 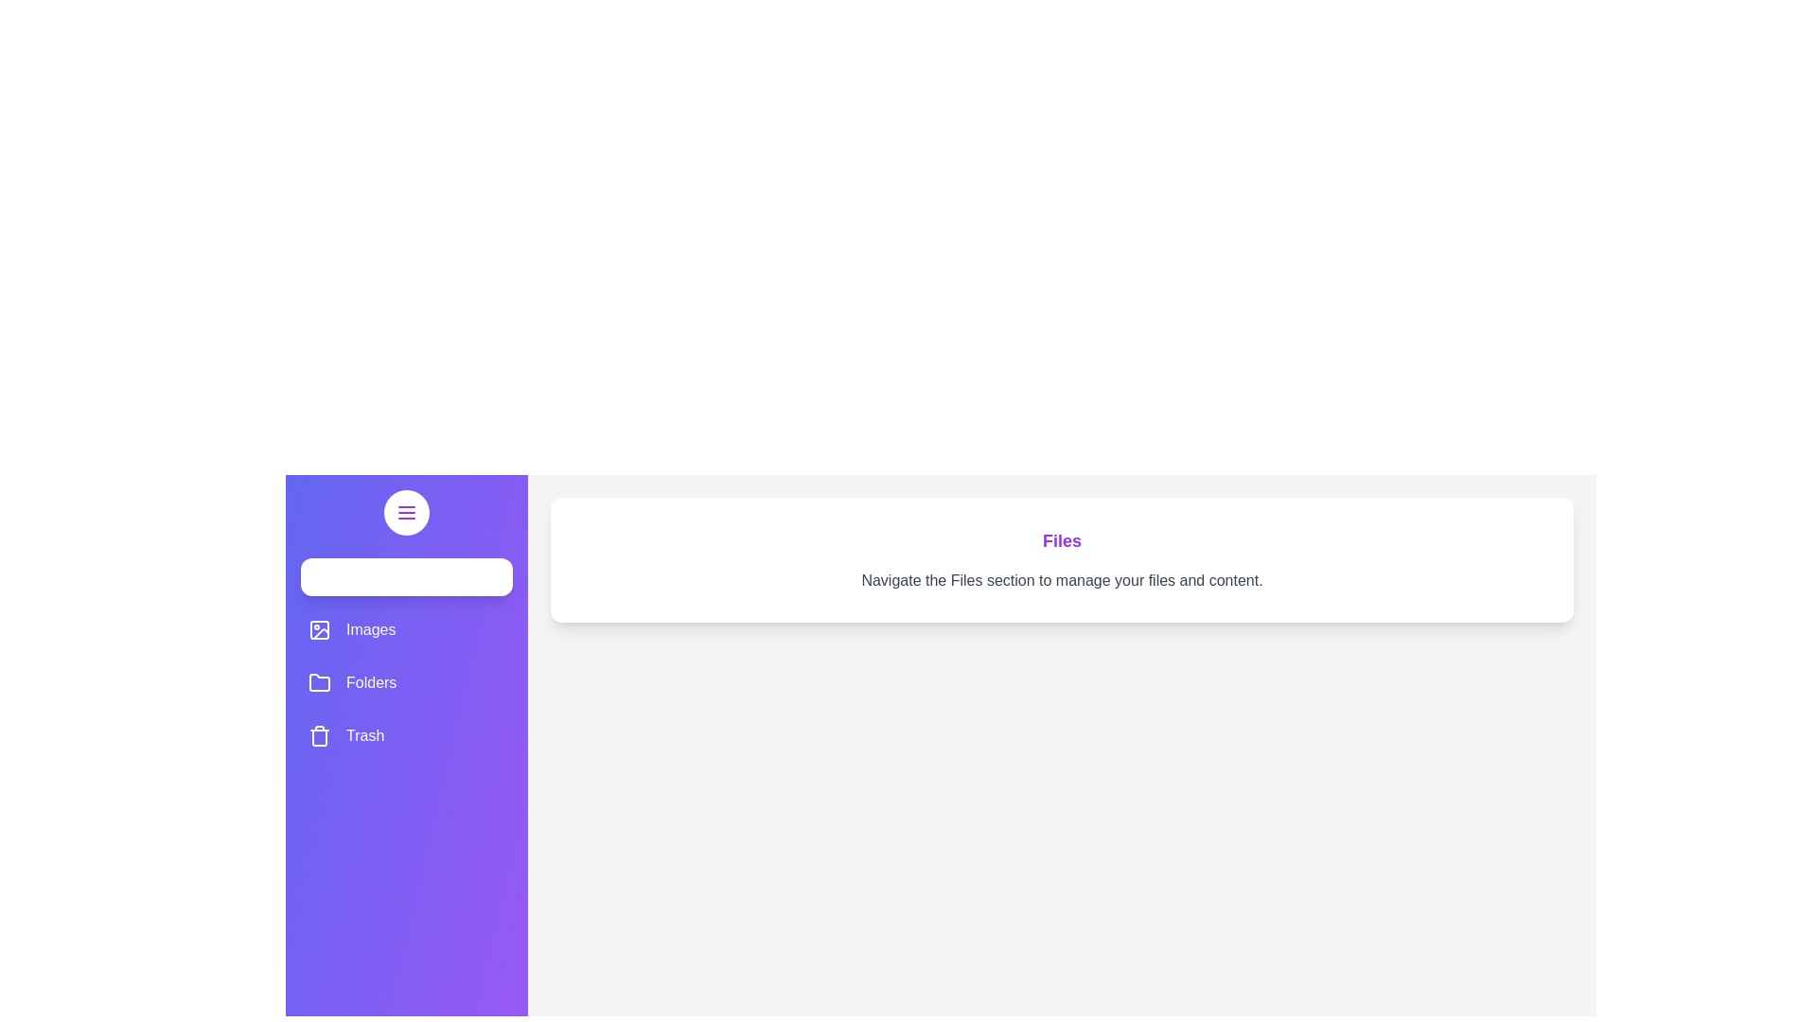 What do you see at coordinates (406, 735) in the screenshot?
I see `the section Trash to navigate to it` at bounding box center [406, 735].